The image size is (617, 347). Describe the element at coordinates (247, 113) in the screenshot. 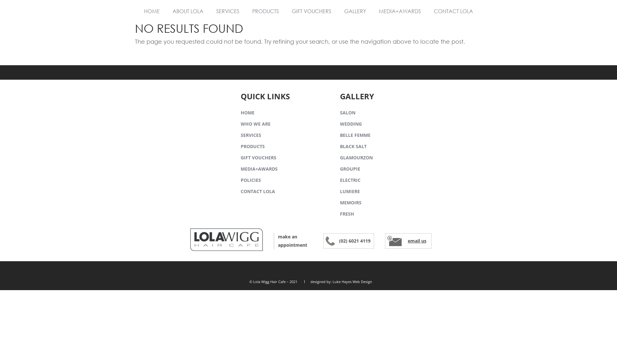

I see `'HOME'` at that location.